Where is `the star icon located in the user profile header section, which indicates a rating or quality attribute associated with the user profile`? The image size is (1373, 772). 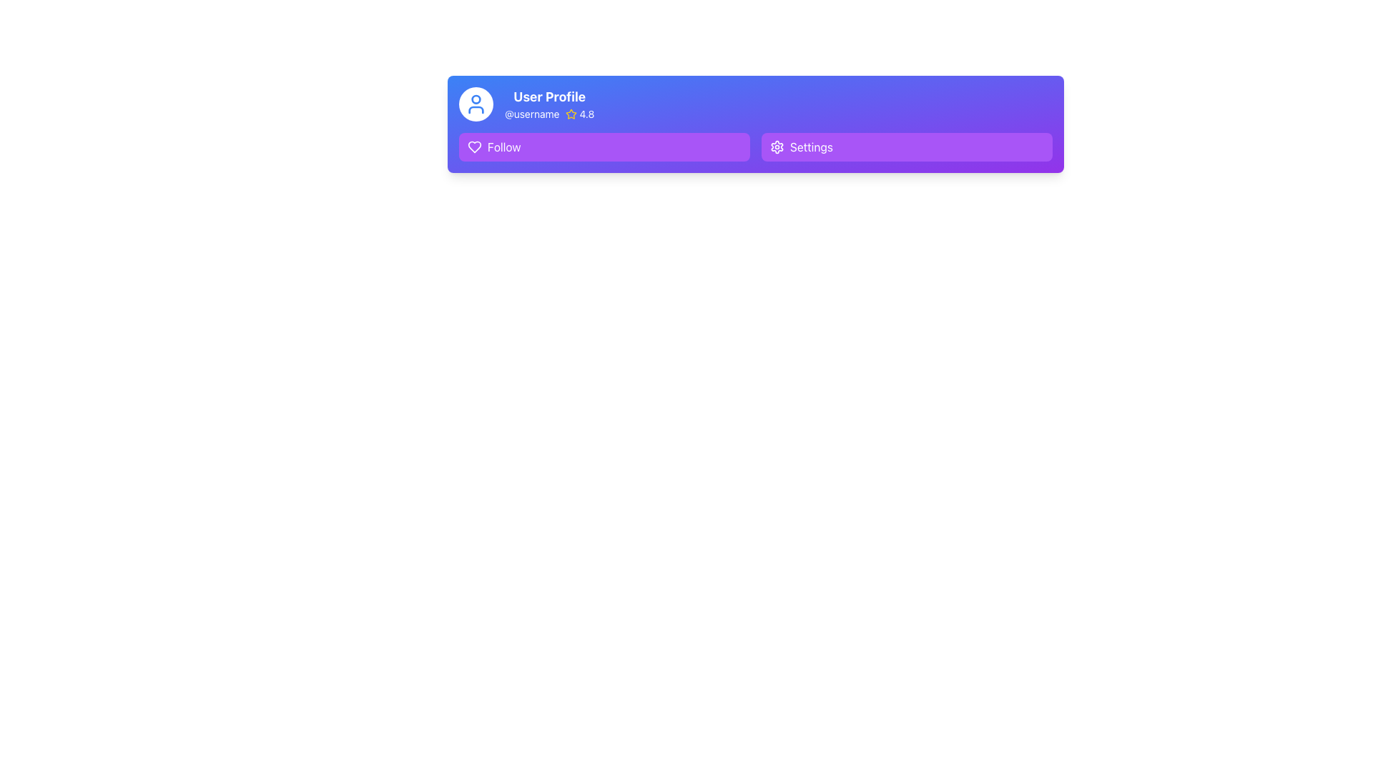
the star icon located in the user profile header section, which indicates a rating or quality attribute associated with the user profile is located at coordinates (570, 113).